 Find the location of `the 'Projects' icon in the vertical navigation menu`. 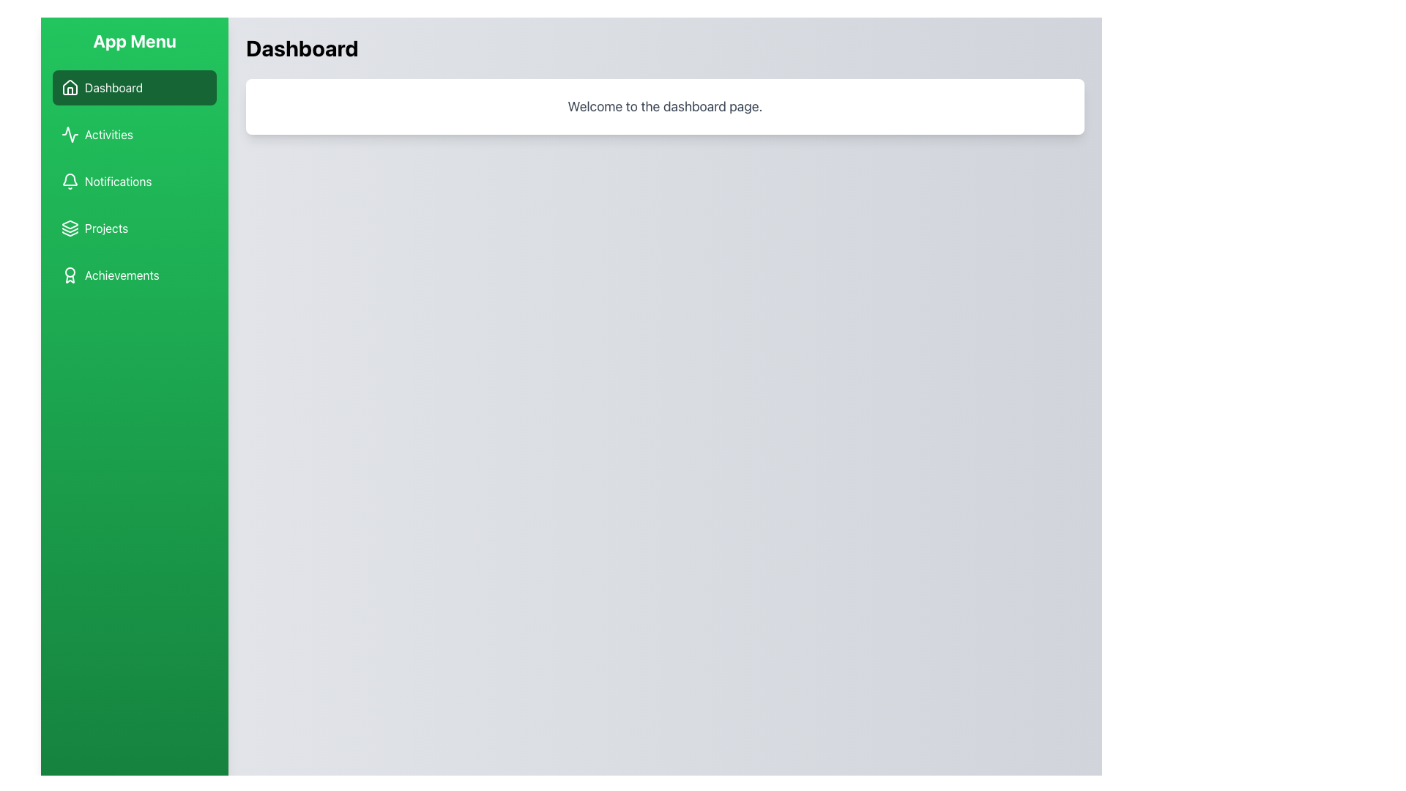

the 'Projects' icon in the vertical navigation menu is located at coordinates (70, 229).